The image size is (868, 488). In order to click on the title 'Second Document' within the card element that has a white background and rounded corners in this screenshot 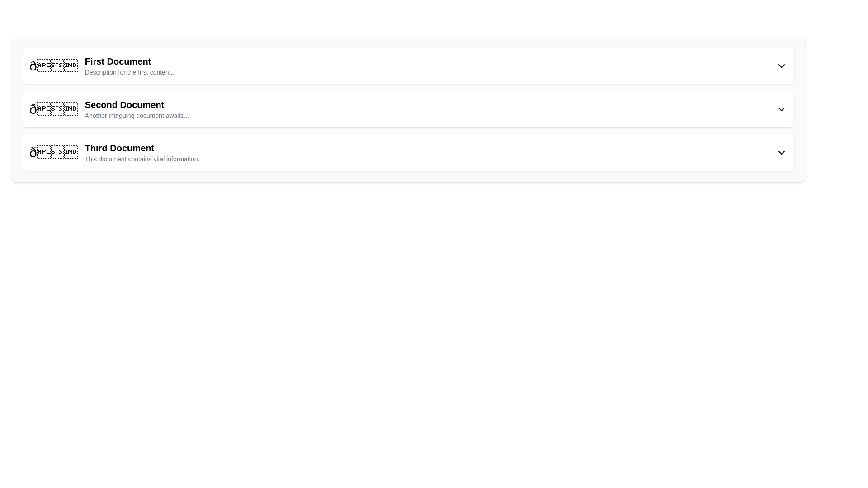, I will do `click(407, 109)`.